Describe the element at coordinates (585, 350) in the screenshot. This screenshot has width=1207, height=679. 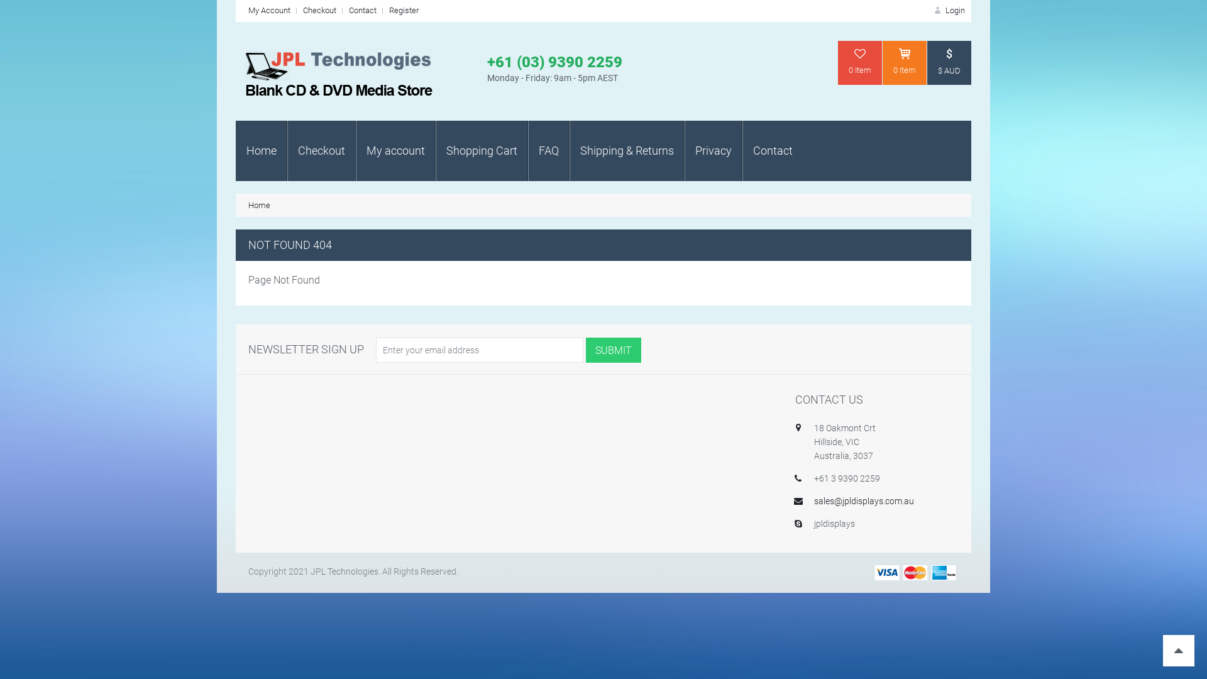
I see `'Submit'` at that location.